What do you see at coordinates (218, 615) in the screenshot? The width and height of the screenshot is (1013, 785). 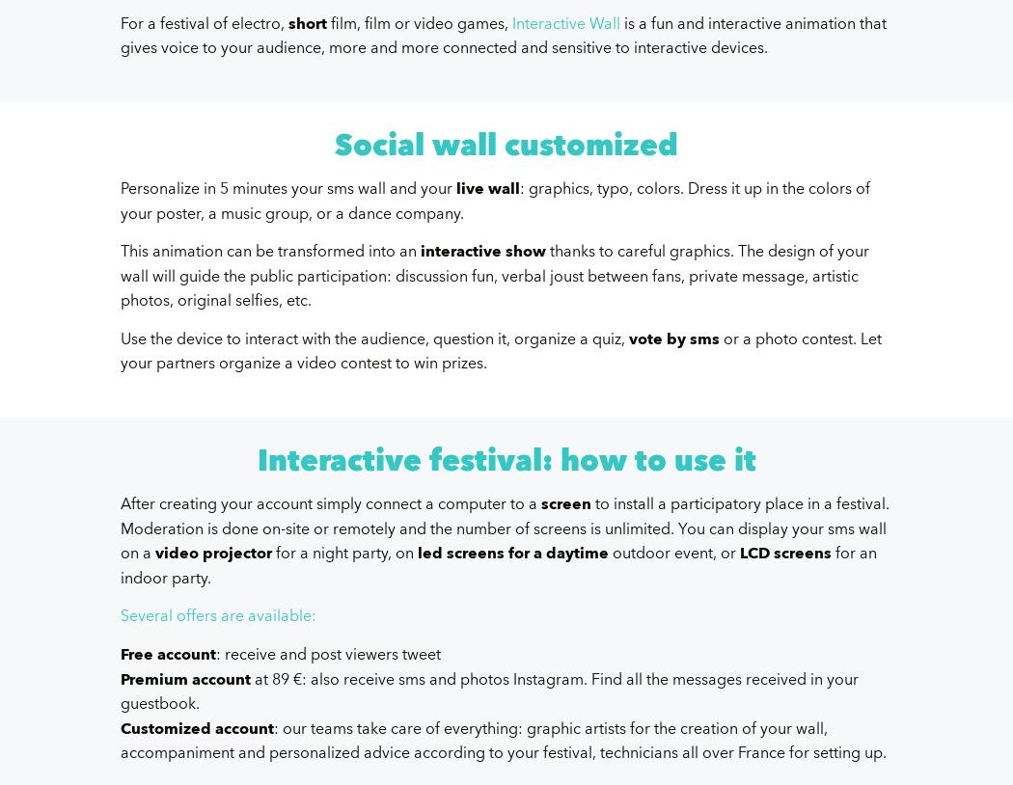 I see `'Several offers are available:'` at bounding box center [218, 615].